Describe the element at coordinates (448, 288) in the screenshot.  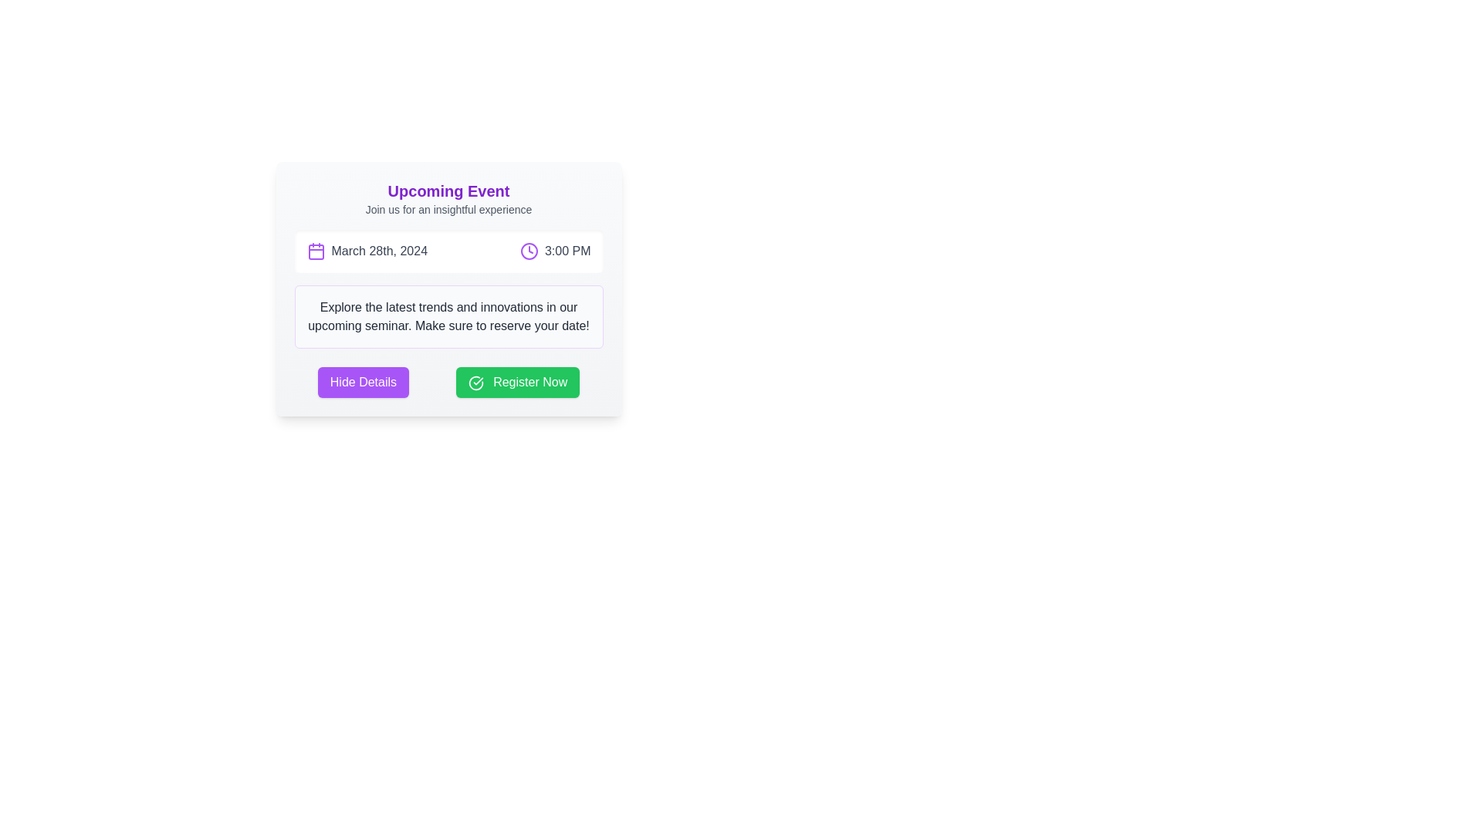
I see `event details from the Information Panel that advertises an event scheduled for March 28th, 2024, at 3:00 PM` at that location.